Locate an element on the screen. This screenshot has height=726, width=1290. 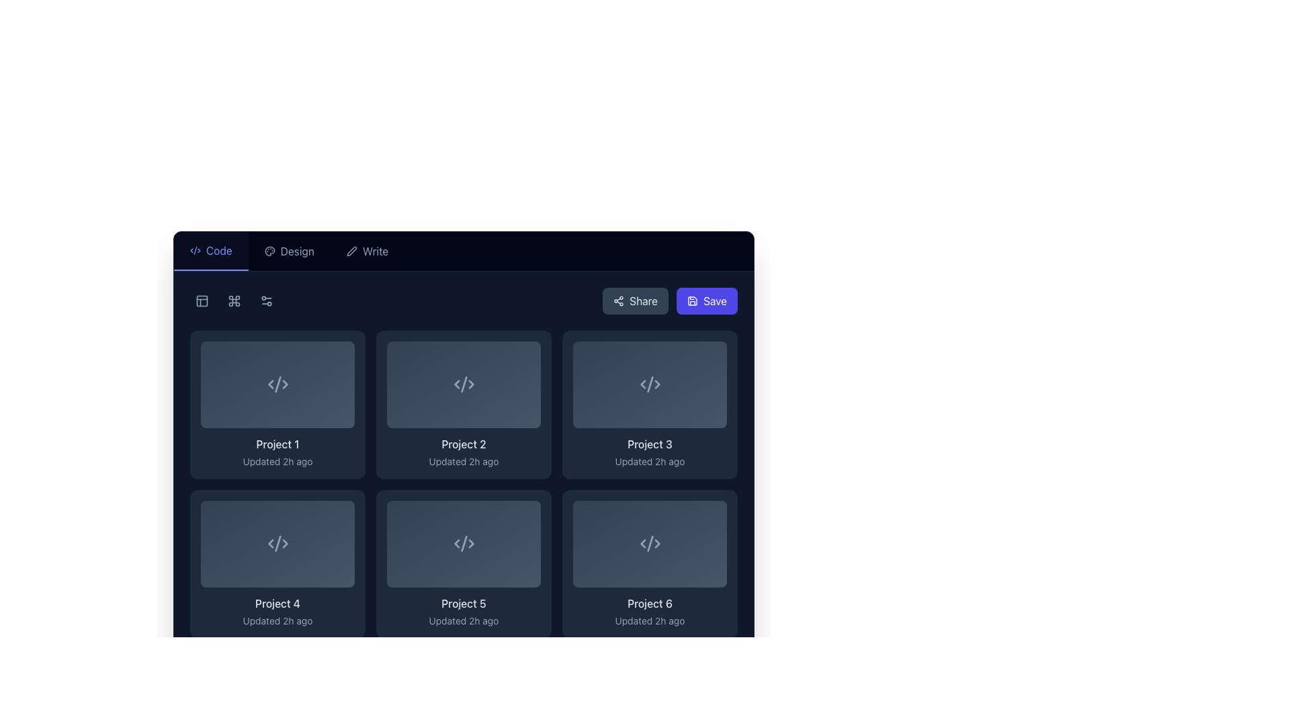
the SVG icon representing code within the card labeled 'Project 5' is located at coordinates (464, 543).